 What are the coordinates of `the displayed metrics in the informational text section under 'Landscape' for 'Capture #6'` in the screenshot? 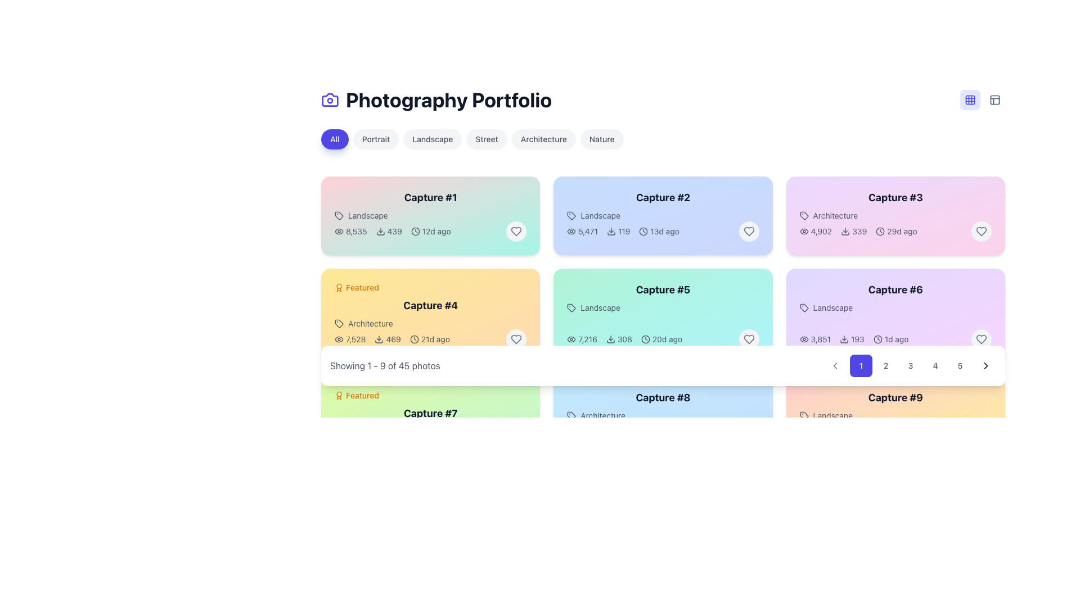 It's located at (854, 339).